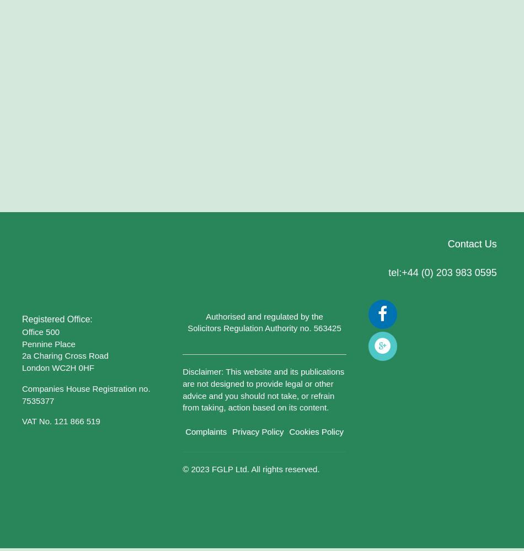 Image resolution: width=524 pixels, height=551 pixels. What do you see at coordinates (205, 431) in the screenshot?
I see `'Complaints'` at bounding box center [205, 431].